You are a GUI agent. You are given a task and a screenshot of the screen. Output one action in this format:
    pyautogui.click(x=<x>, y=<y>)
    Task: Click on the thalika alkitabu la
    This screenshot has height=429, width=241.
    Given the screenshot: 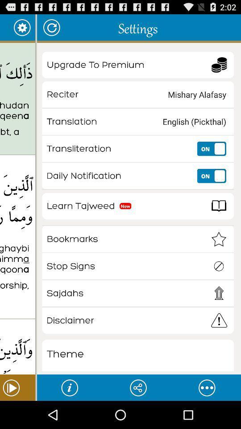 What is the action you would take?
    pyautogui.click(x=17, y=110)
    